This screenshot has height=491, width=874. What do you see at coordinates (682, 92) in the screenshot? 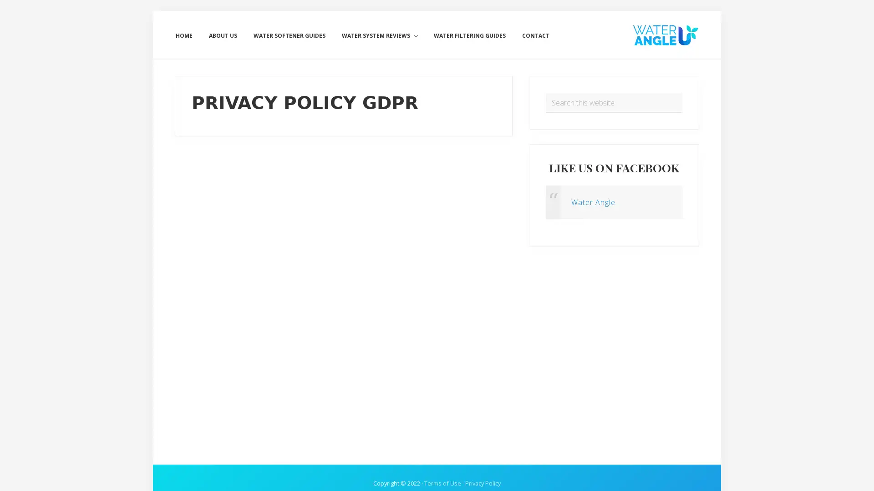
I see `Search` at bounding box center [682, 92].